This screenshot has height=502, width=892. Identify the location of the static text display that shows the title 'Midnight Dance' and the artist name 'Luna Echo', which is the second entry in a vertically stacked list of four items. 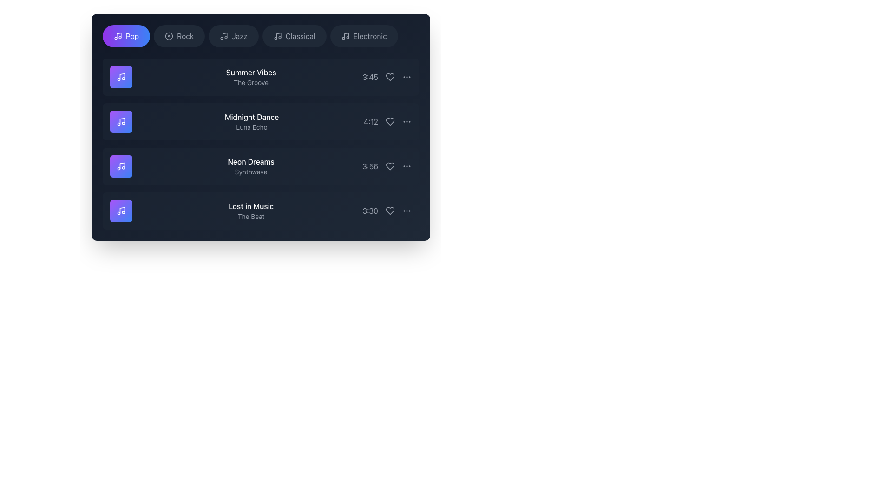
(252, 121).